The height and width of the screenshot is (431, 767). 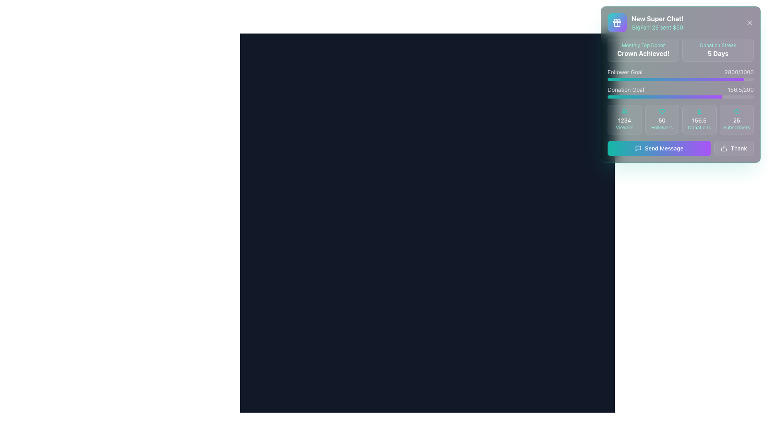 I want to click on the notification label in the upper-right area of the interface that indicates the occurrence of a specific event, so click(x=658, y=18).